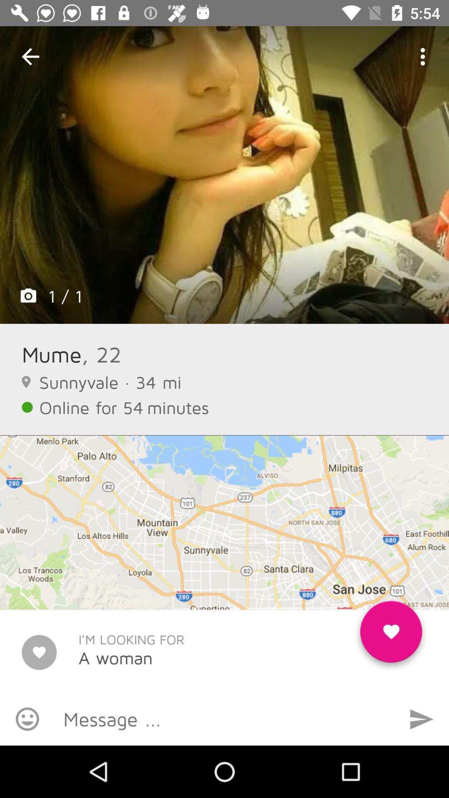 This screenshot has height=798, width=449. Describe the element at coordinates (422, 719) in the screenshot. I see `send message` at that location.